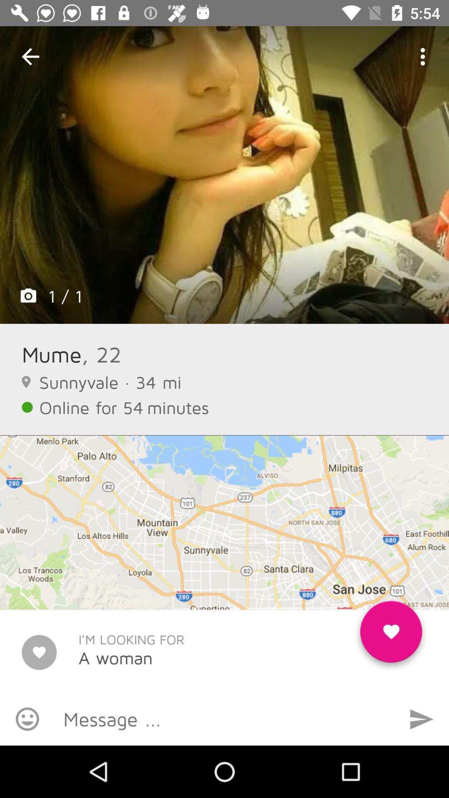 This screenshot has height=798, width=449. Describe the element at coordinates (422, 719) in the screenshot. I see `send message` at that location.